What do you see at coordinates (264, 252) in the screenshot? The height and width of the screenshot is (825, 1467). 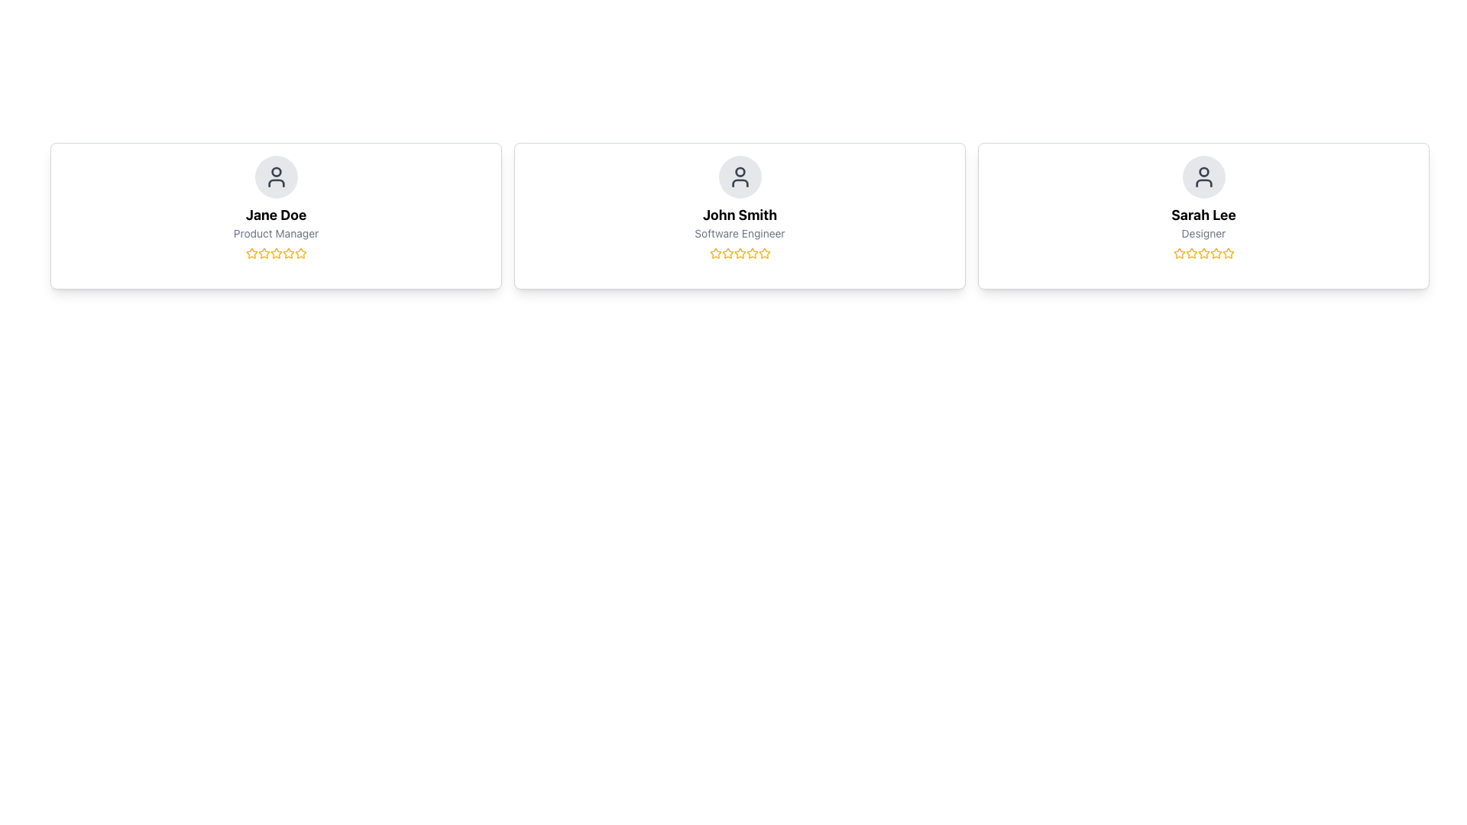 I see `the first star in the rating system located below 'Jane Doe' and 'Product Manager' in the leftmost card` at bounding box center [264, 252].